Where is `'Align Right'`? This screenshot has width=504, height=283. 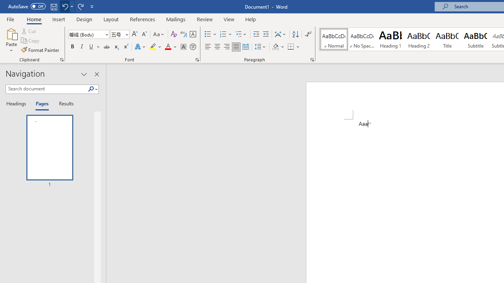
'Align Right' is located at coordinates (226, 47).